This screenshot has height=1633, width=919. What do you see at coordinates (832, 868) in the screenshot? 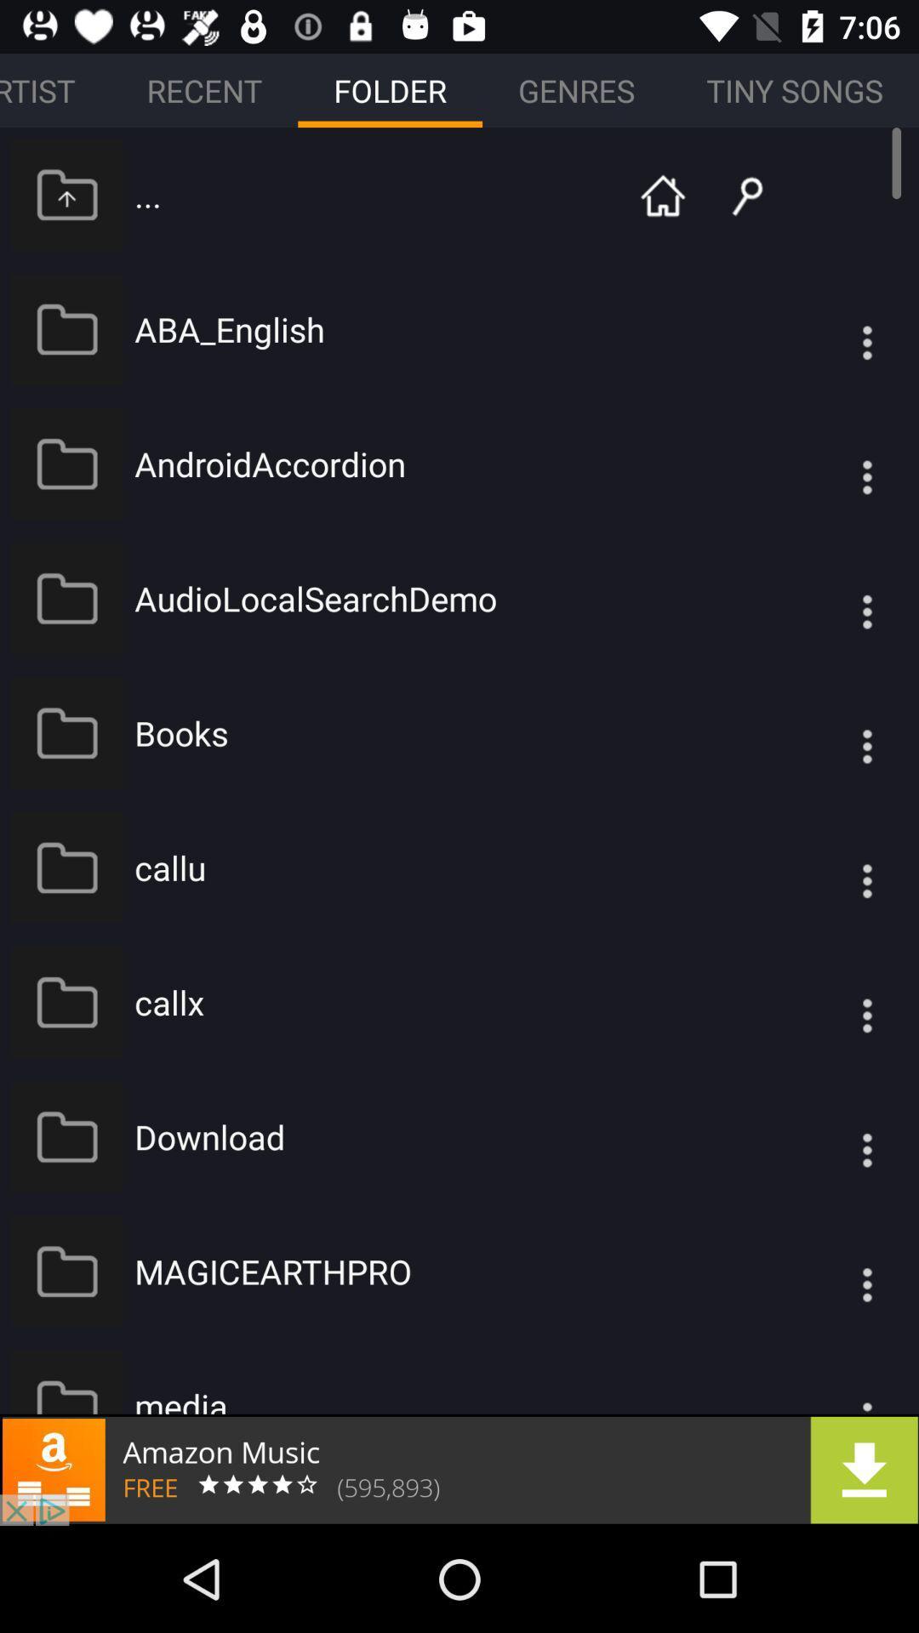
I see `settings` at bounding box center [832, 868].